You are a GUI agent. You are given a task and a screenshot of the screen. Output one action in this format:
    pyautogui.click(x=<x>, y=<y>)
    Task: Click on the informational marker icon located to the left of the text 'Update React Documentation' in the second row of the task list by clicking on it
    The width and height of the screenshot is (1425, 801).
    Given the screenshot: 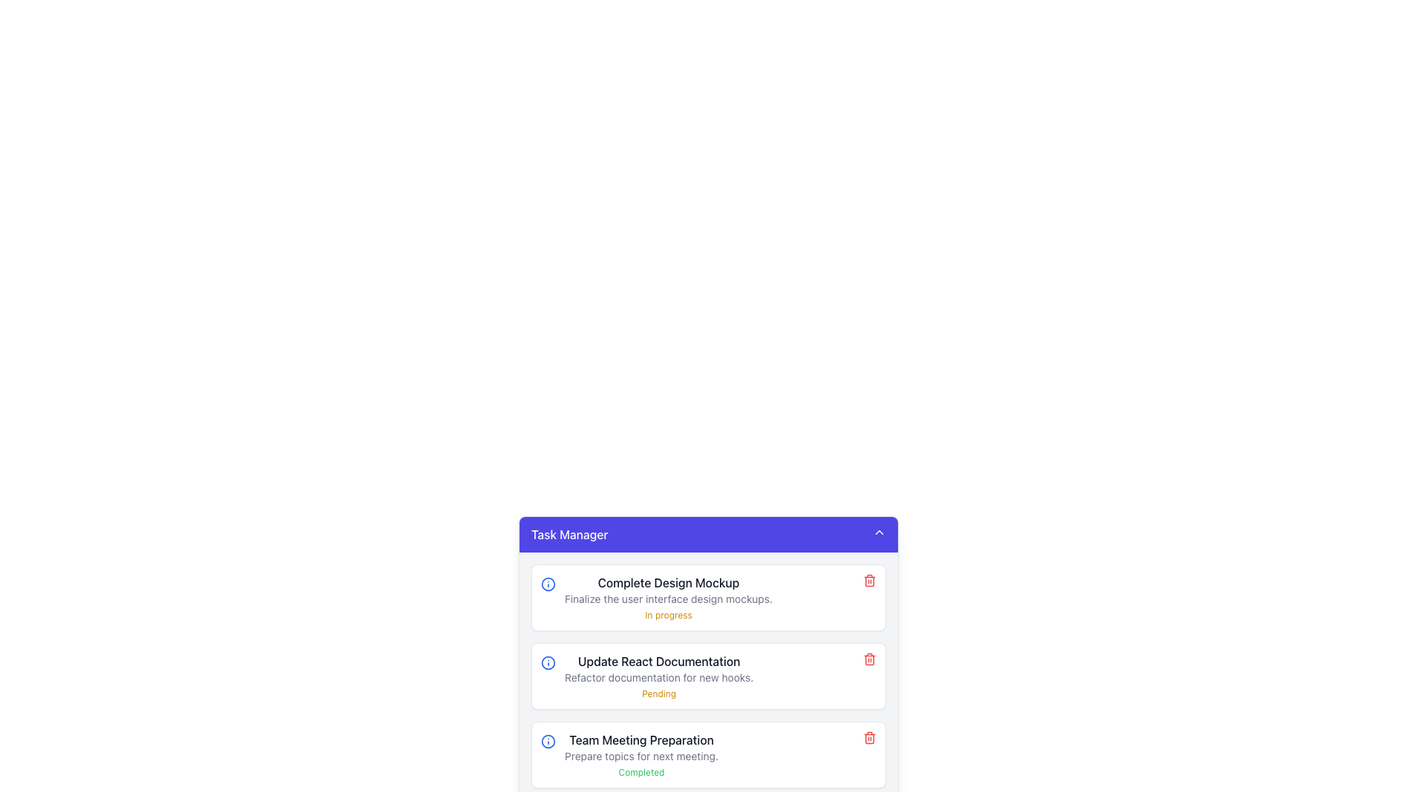 What is the action you would take?
    pyautogui.click(x=548, y=662)
    